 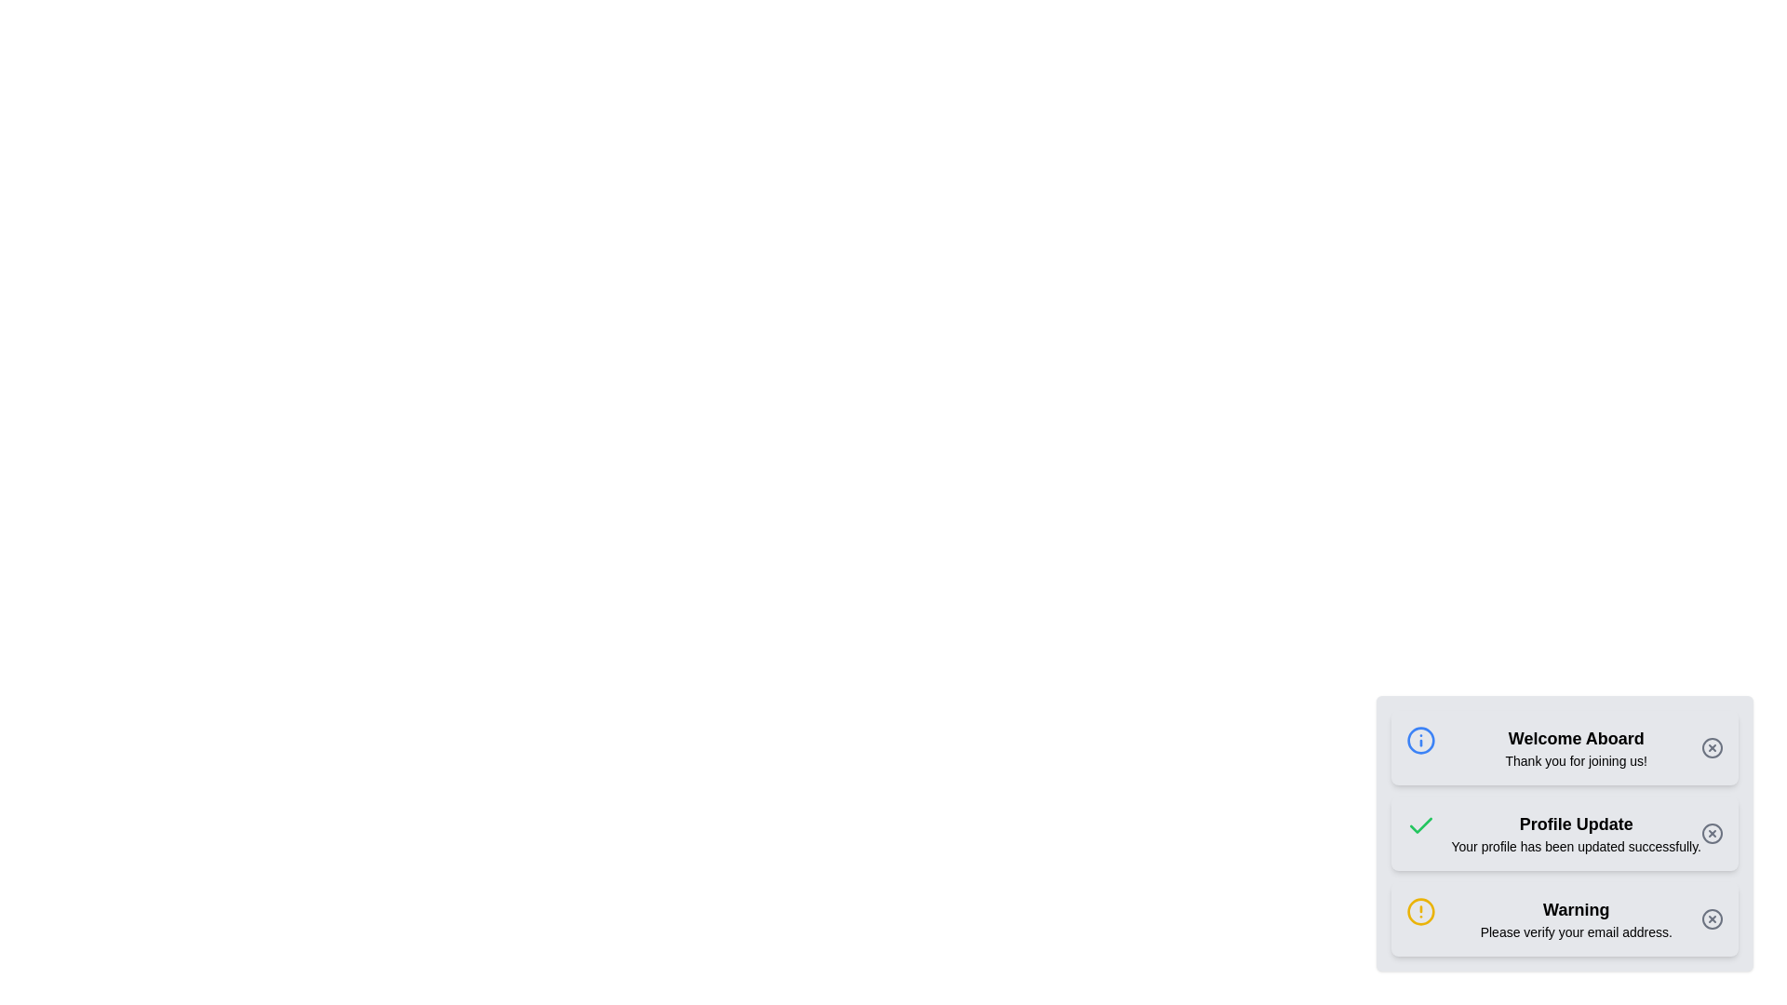 What do you see at coordinates (1712, 918) in the screenshot?
I see `the dismiss button located on the right side of the 'Warning' notification box` at bounding box center [1712, 918].